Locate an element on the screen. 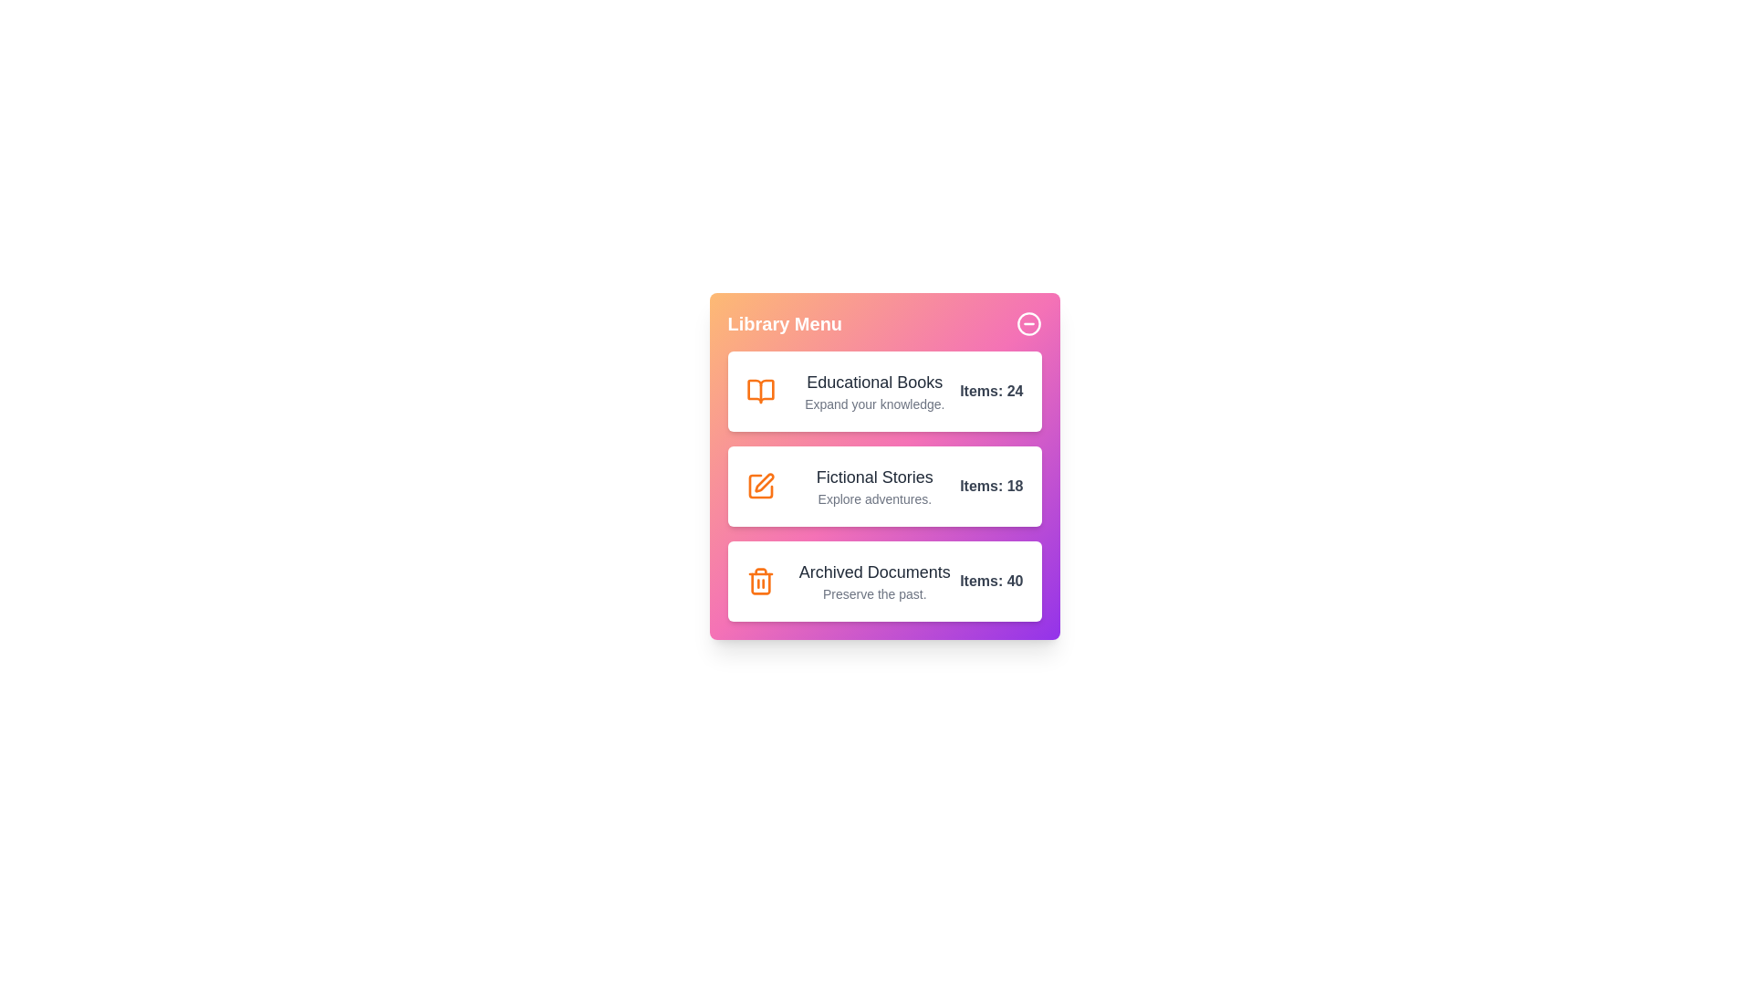  the icon of the category Fictional Stories is located at coordinates (760, 485).